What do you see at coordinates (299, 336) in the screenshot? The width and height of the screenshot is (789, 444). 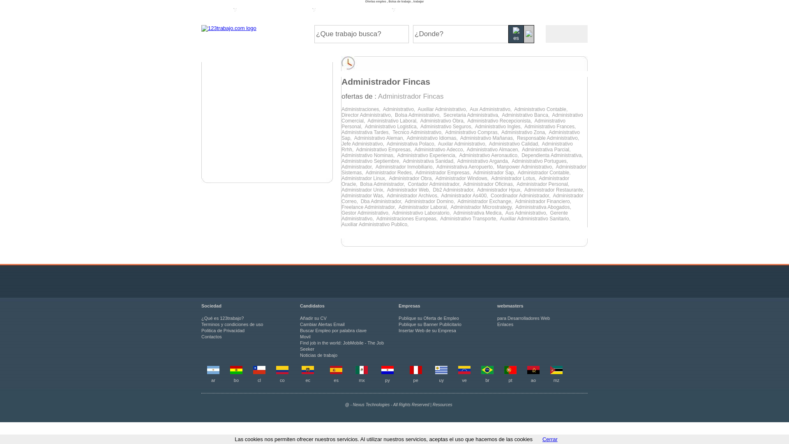 I see `'Movil'` at bounding box center [299, 336].